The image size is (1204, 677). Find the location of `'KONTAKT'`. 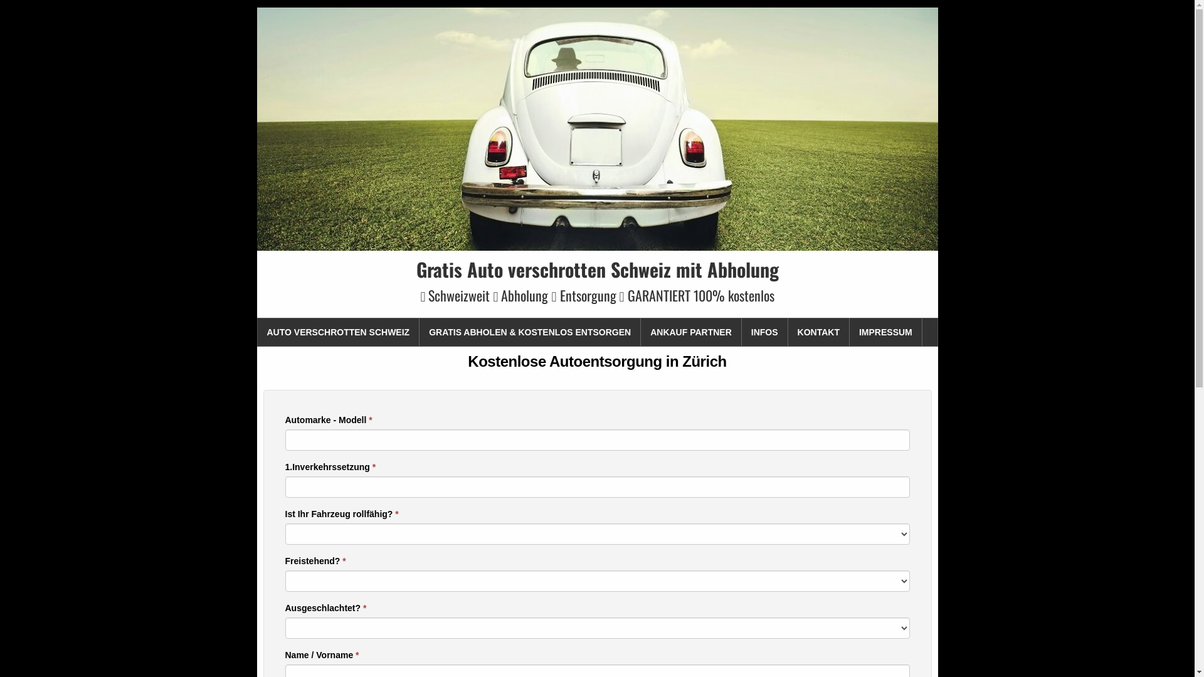

'KONTAKT' is located at coordinates (818, 331).